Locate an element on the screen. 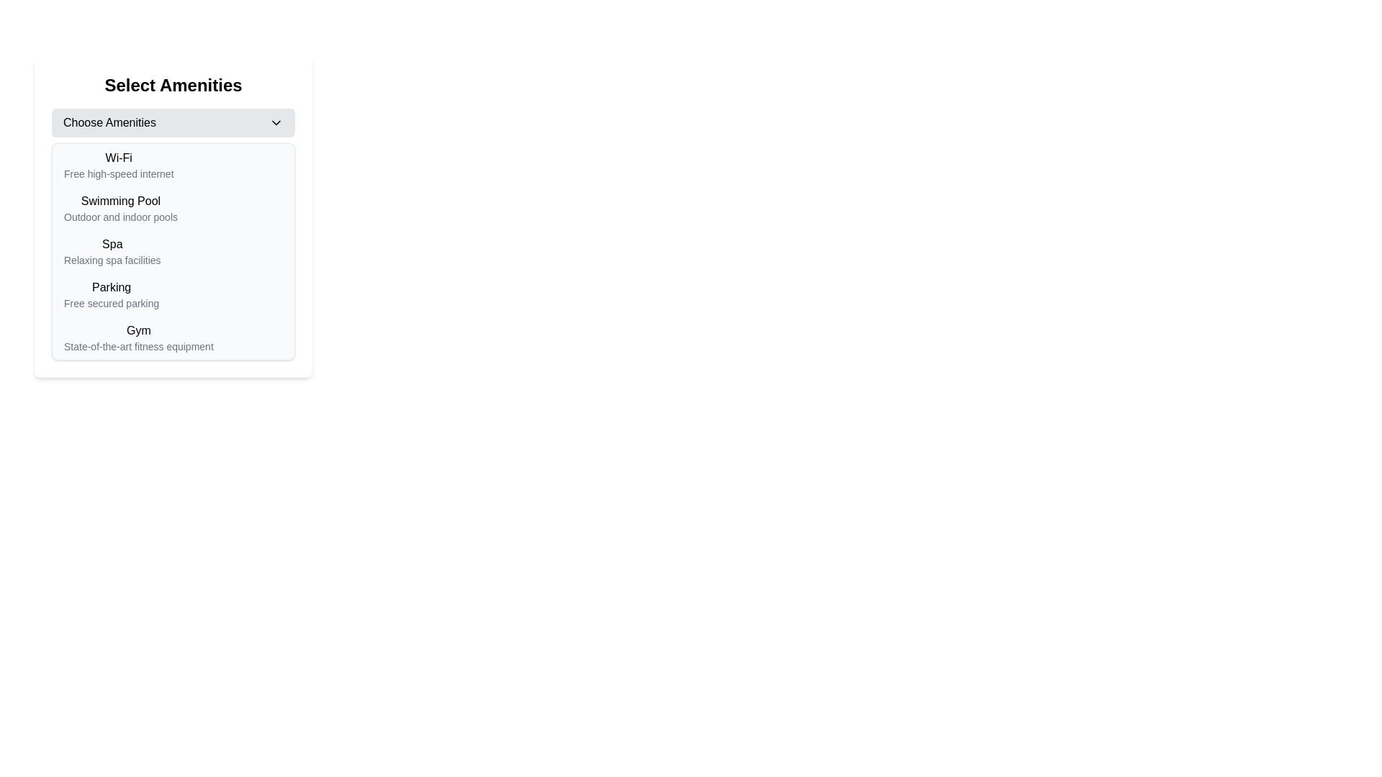 The width and height of the screenshot is (1382, 777). the text-based list item titled 'Spa' with the subtitle 'Relaxing spa facilities', which is the third item in the amenities dropdown menu is located at coordinates (112, 251).